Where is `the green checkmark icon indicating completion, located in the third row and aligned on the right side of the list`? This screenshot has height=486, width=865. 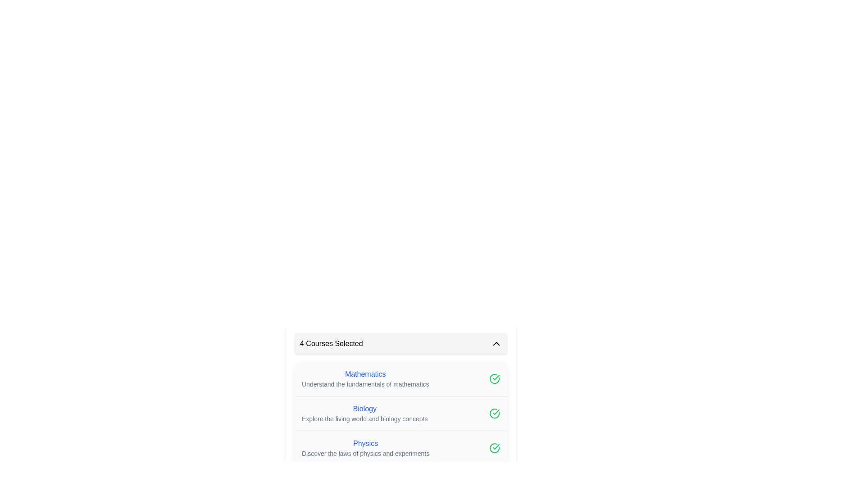 the green checkmark icon indicating completion, located in the third row and aligned on the right side of the list is located at coordinates (496, 446).